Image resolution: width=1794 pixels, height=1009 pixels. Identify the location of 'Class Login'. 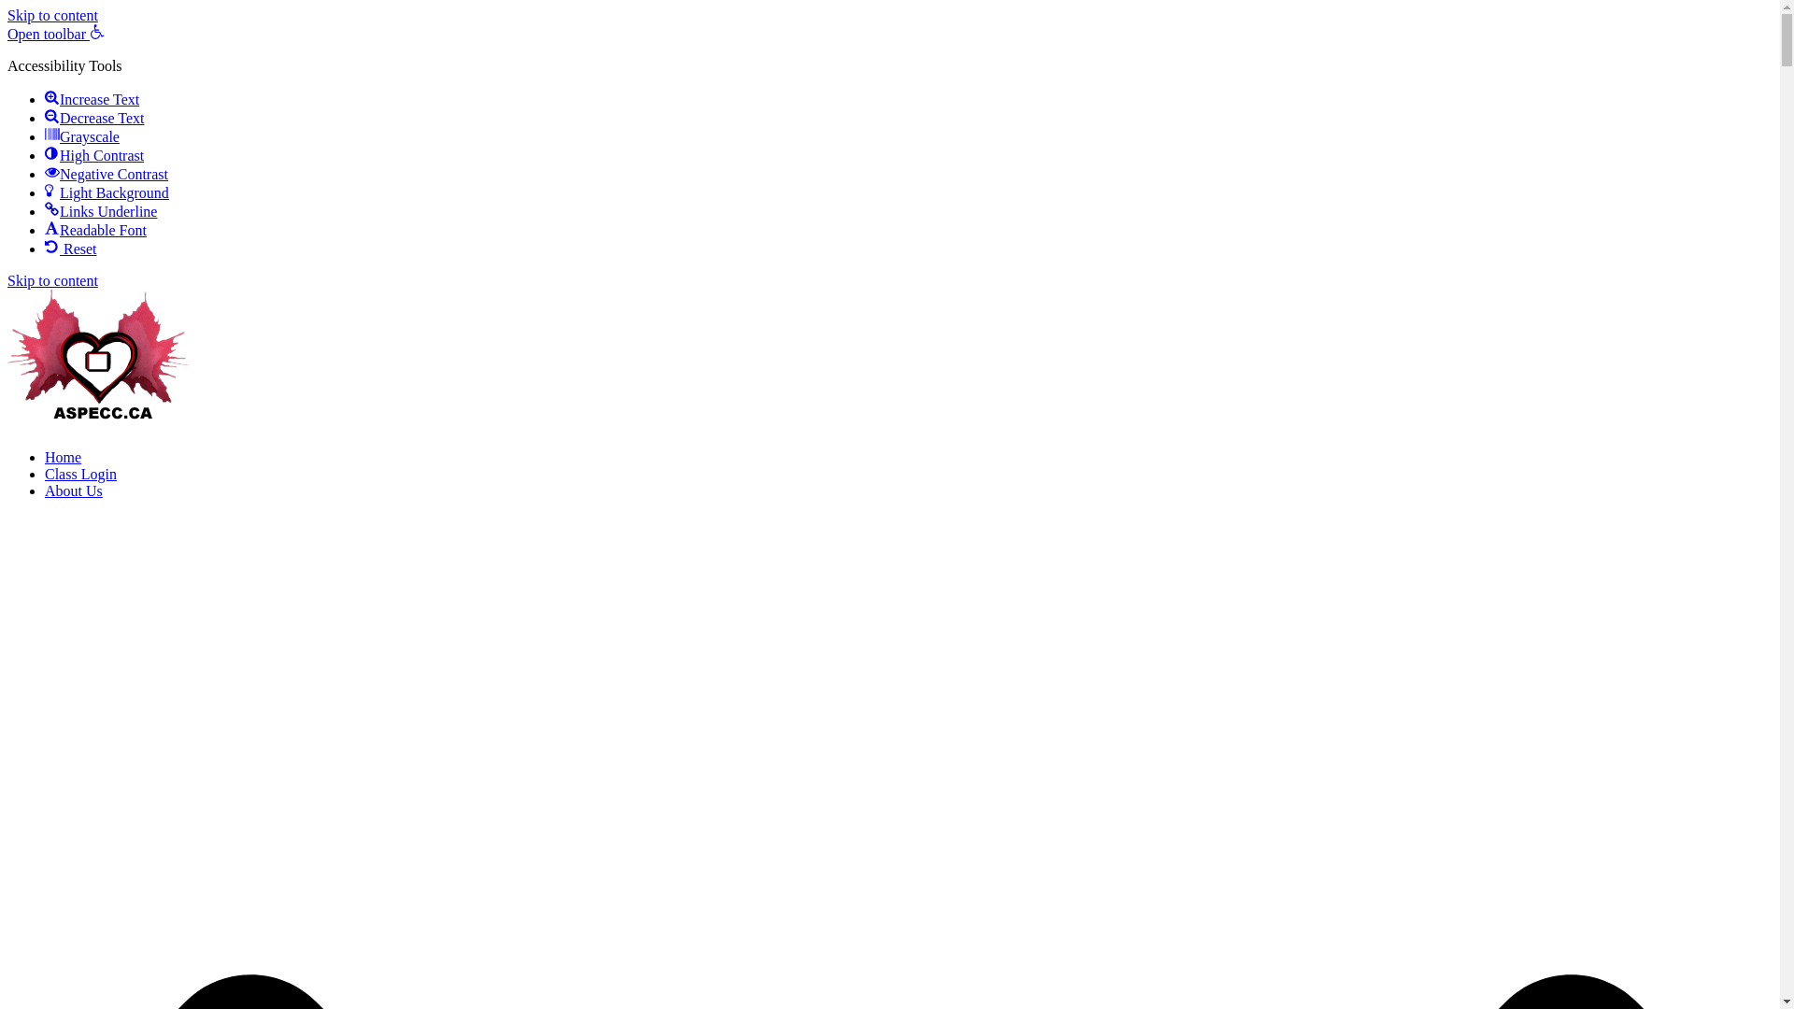
(79, 473).